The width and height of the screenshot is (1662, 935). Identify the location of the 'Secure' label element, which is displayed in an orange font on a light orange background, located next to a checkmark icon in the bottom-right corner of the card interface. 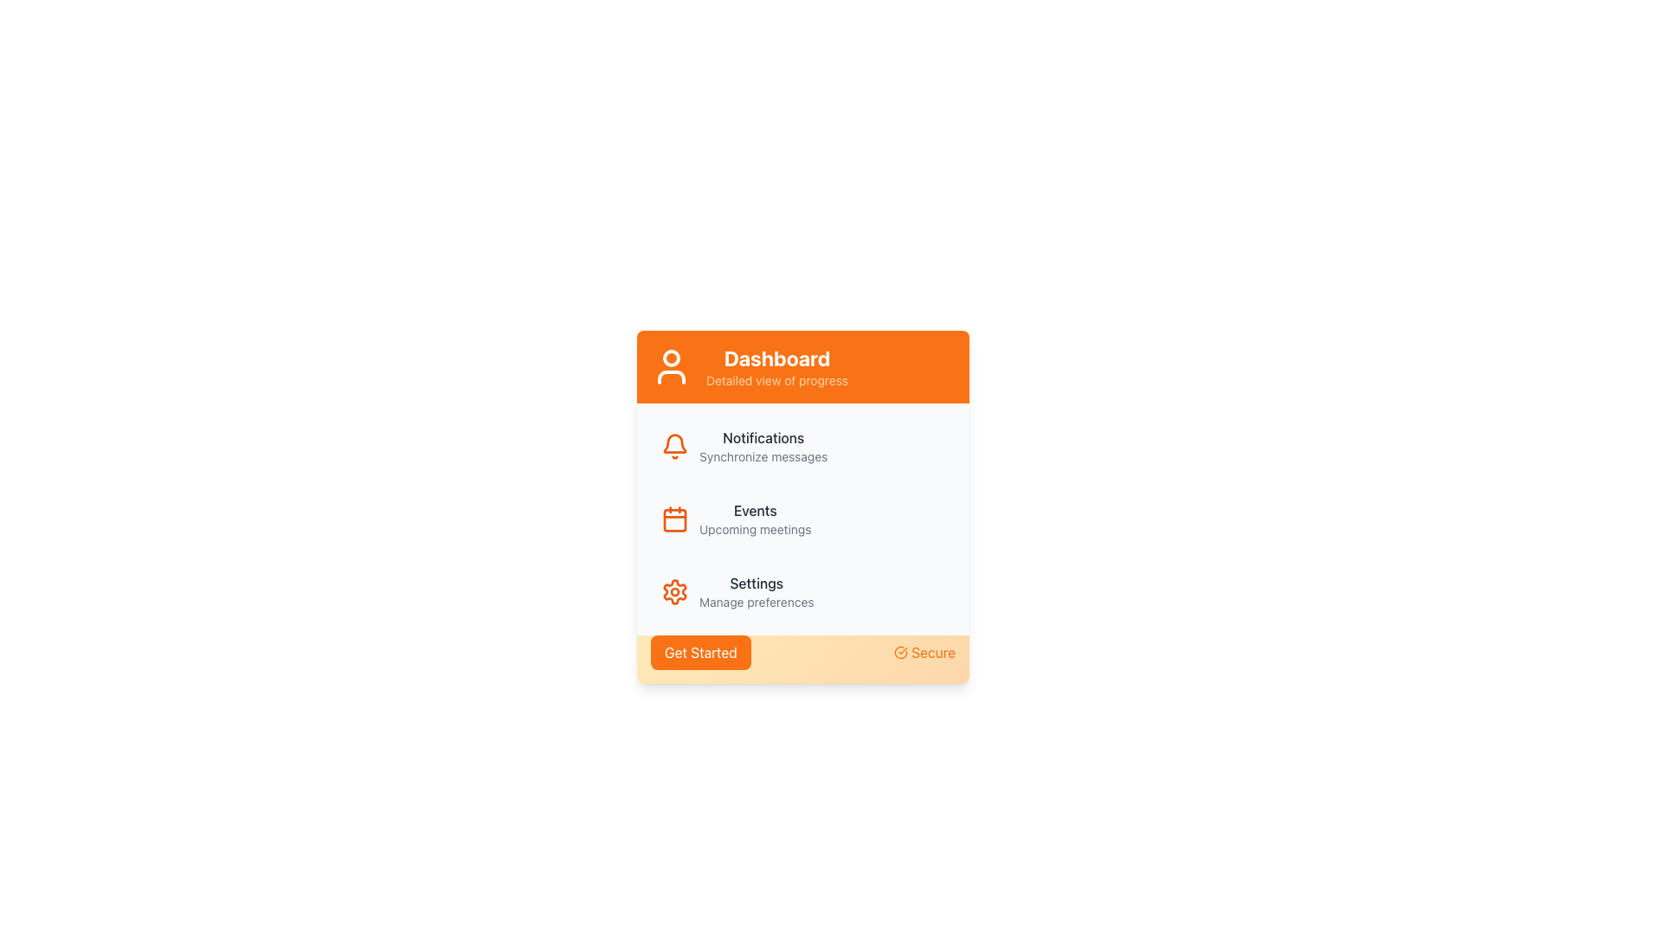
(932, 652).